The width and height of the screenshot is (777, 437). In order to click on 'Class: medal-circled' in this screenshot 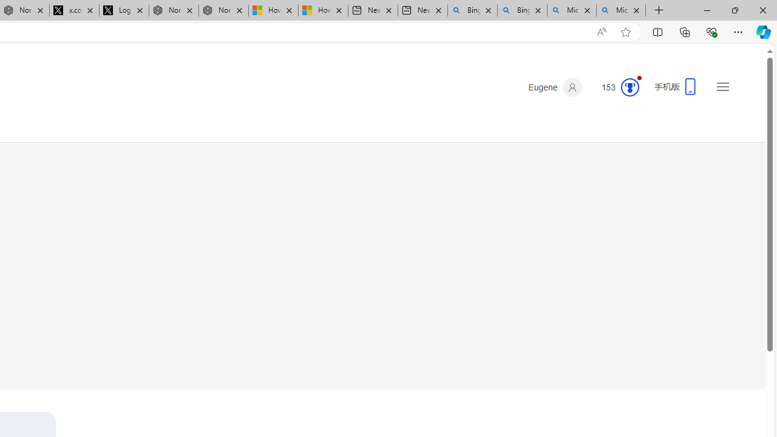, I will do `click(629, 87)`.